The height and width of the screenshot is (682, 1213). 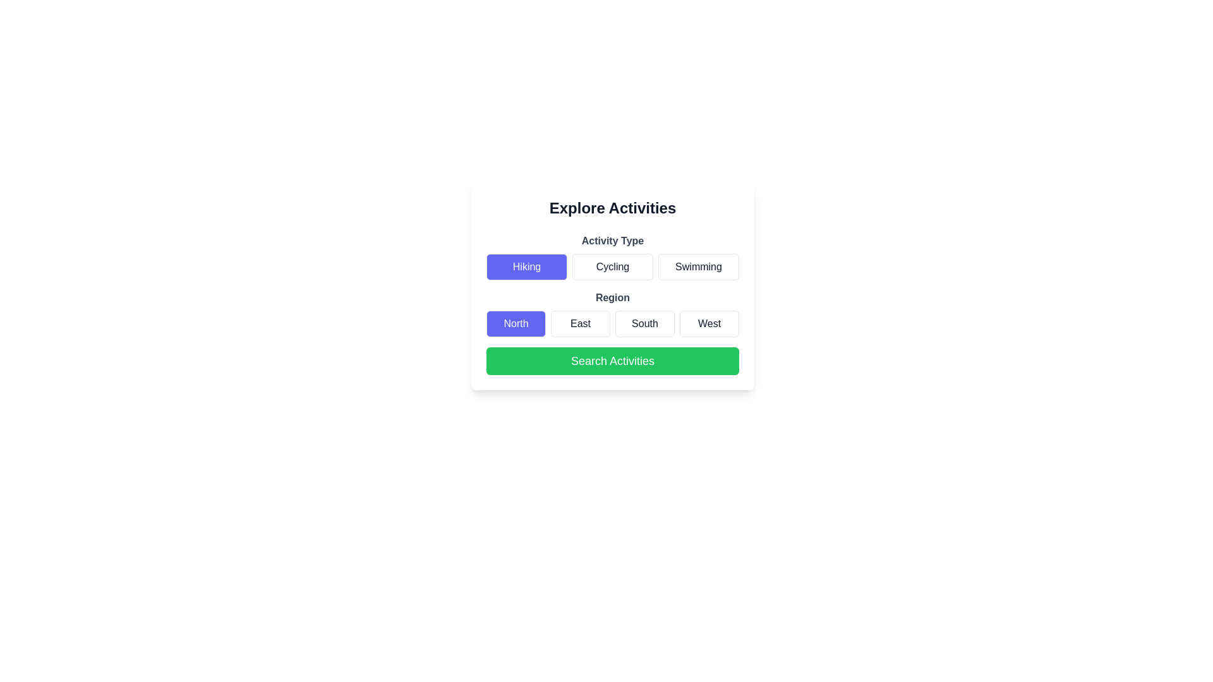 What do you see at coordinates (709, 323) in the screenshot?
I see `the 'West' region button located under the 'Region' heading in the grid layout` at bounding box center [709, 323].